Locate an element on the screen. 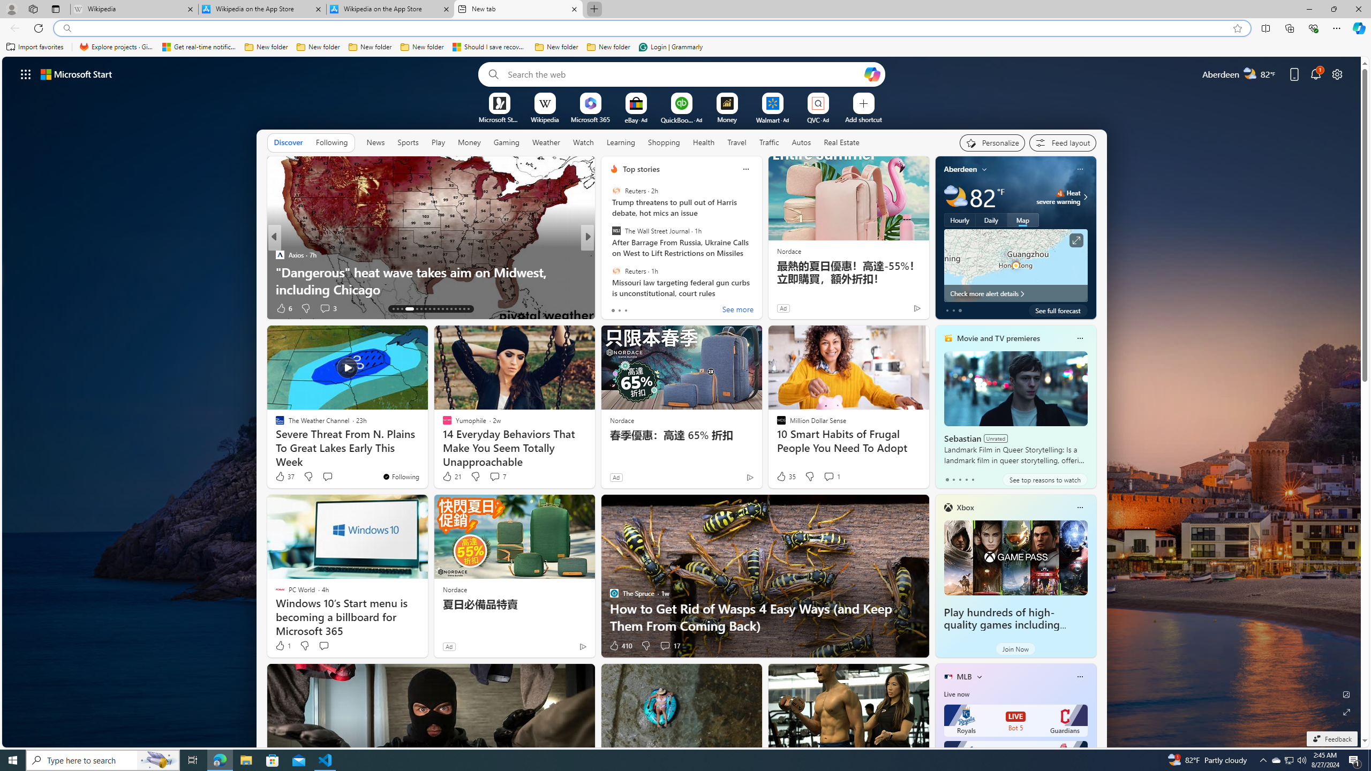  'tab-3' is located at coordinates (965, 479).